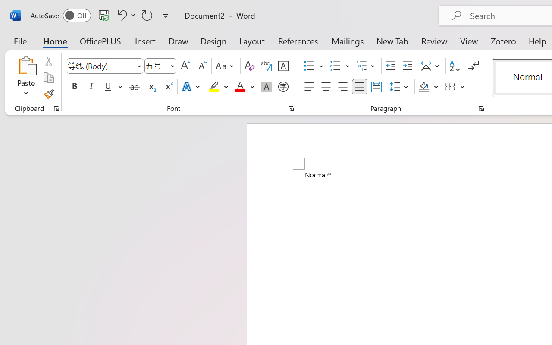 This screenshot has width=552, height=345. I want to click on 'Increase Indent', so click(407, 66).